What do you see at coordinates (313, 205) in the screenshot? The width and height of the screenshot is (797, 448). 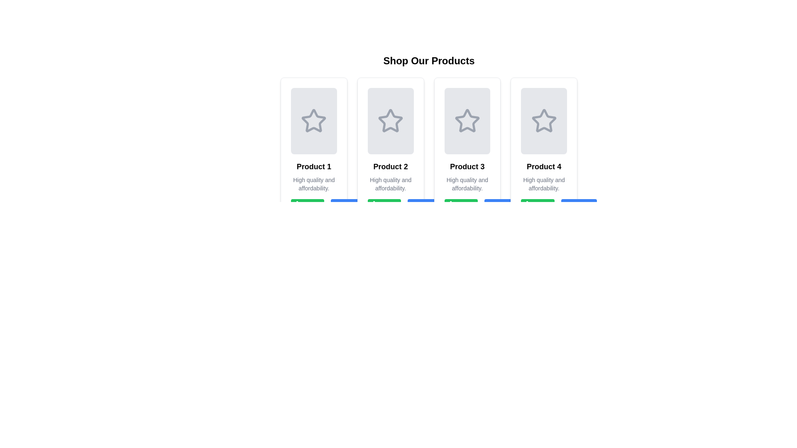 I see `the 'Add' text label within the button component, which is styled with white text on a green background and is located below the first product card labeled 'Product 1'` at bounding box center [313, 205].